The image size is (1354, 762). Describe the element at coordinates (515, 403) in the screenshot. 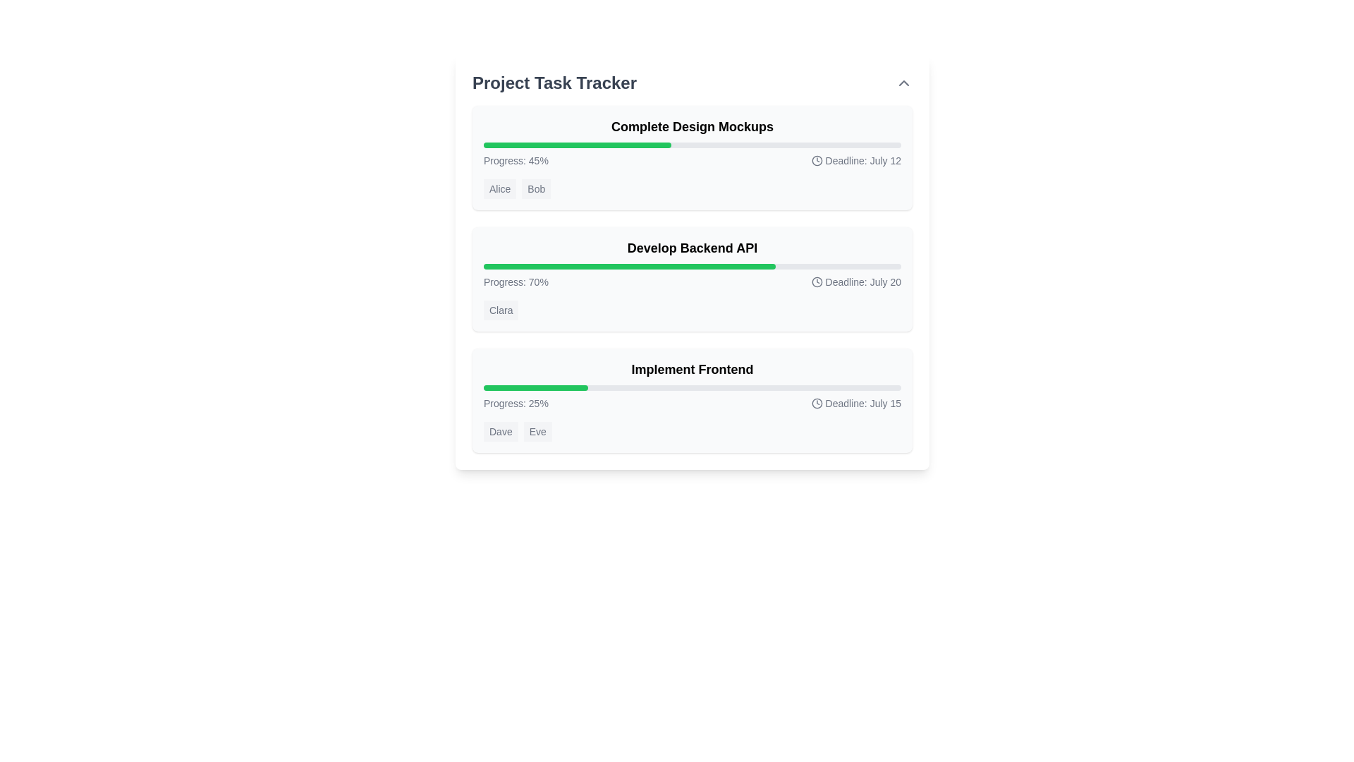

I see `text displayed in the Text Label that shows 'Progress: 25%' located in the bottom section of the 'Implement Frontend' card` at that location.